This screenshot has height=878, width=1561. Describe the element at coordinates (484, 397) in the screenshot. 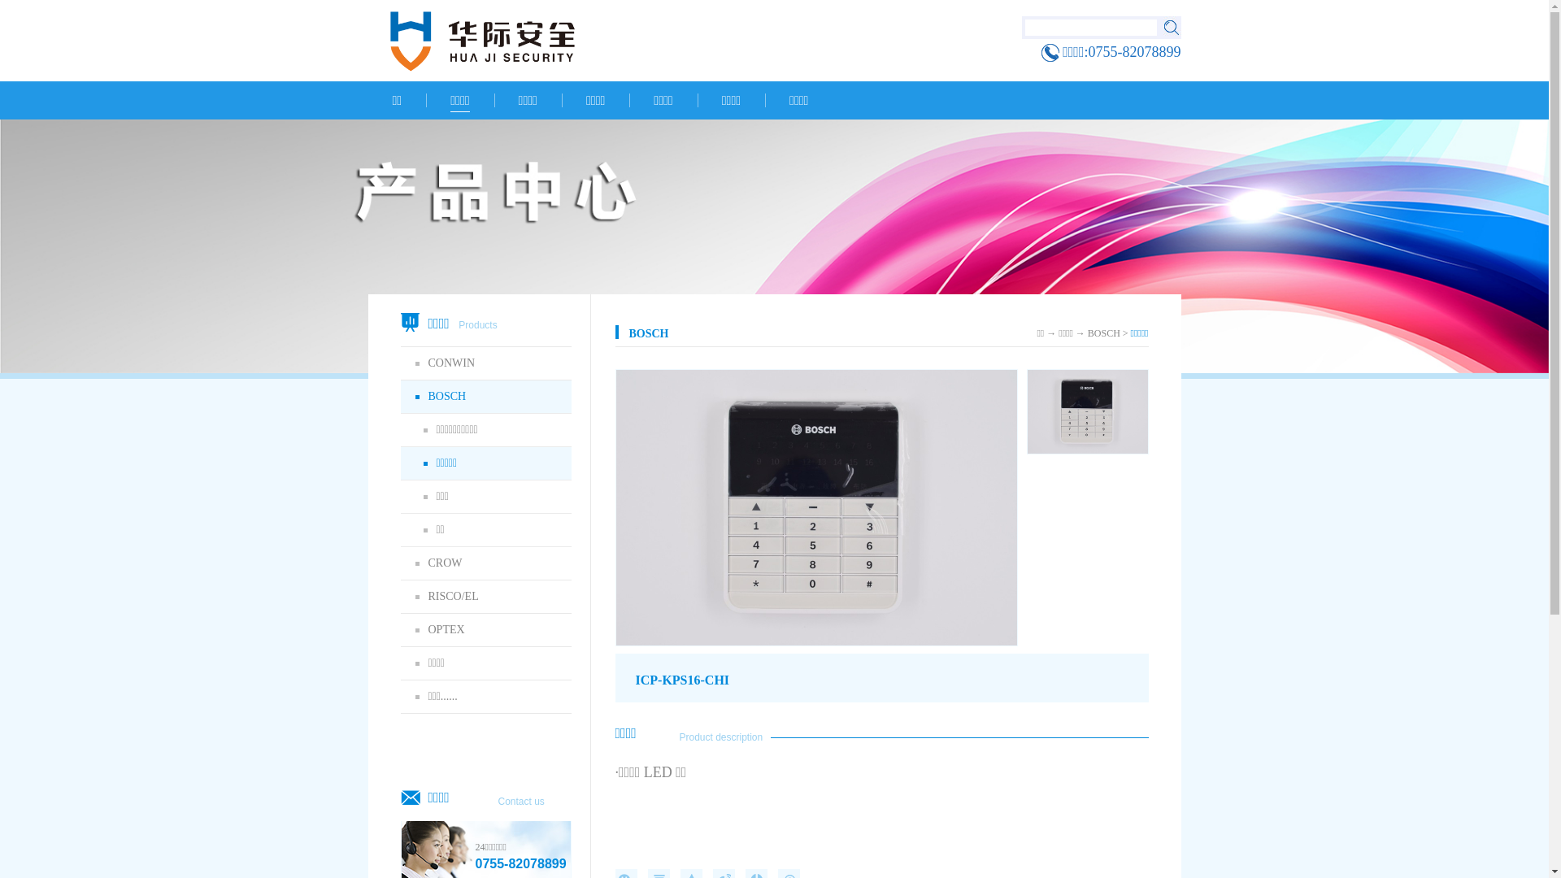

I see `'BOSCH'` at that location.